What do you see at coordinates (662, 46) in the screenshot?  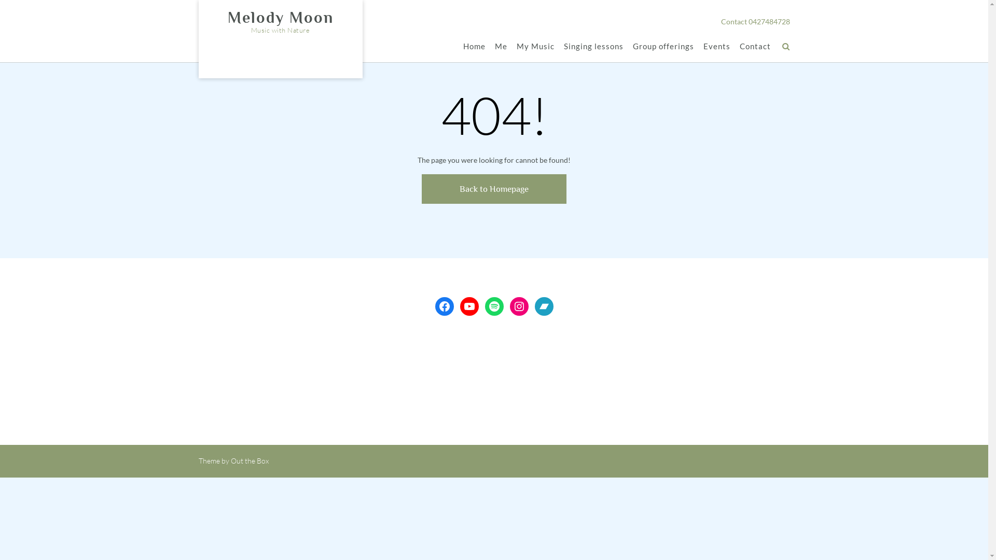 I see `'Group offerings'` at bounding box center [662, 46].